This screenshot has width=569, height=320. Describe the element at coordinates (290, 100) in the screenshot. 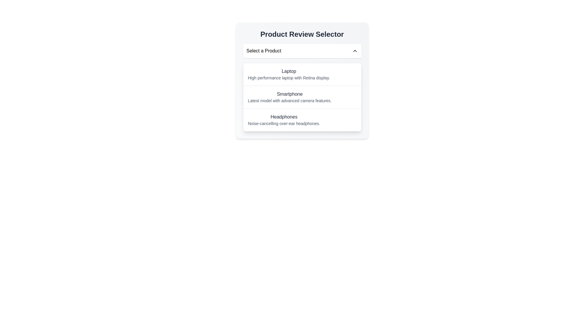

I see `the descriptive text for the 'Smartphone' item located in the dropdown list under the section titled 'Smartphone'` at that location.